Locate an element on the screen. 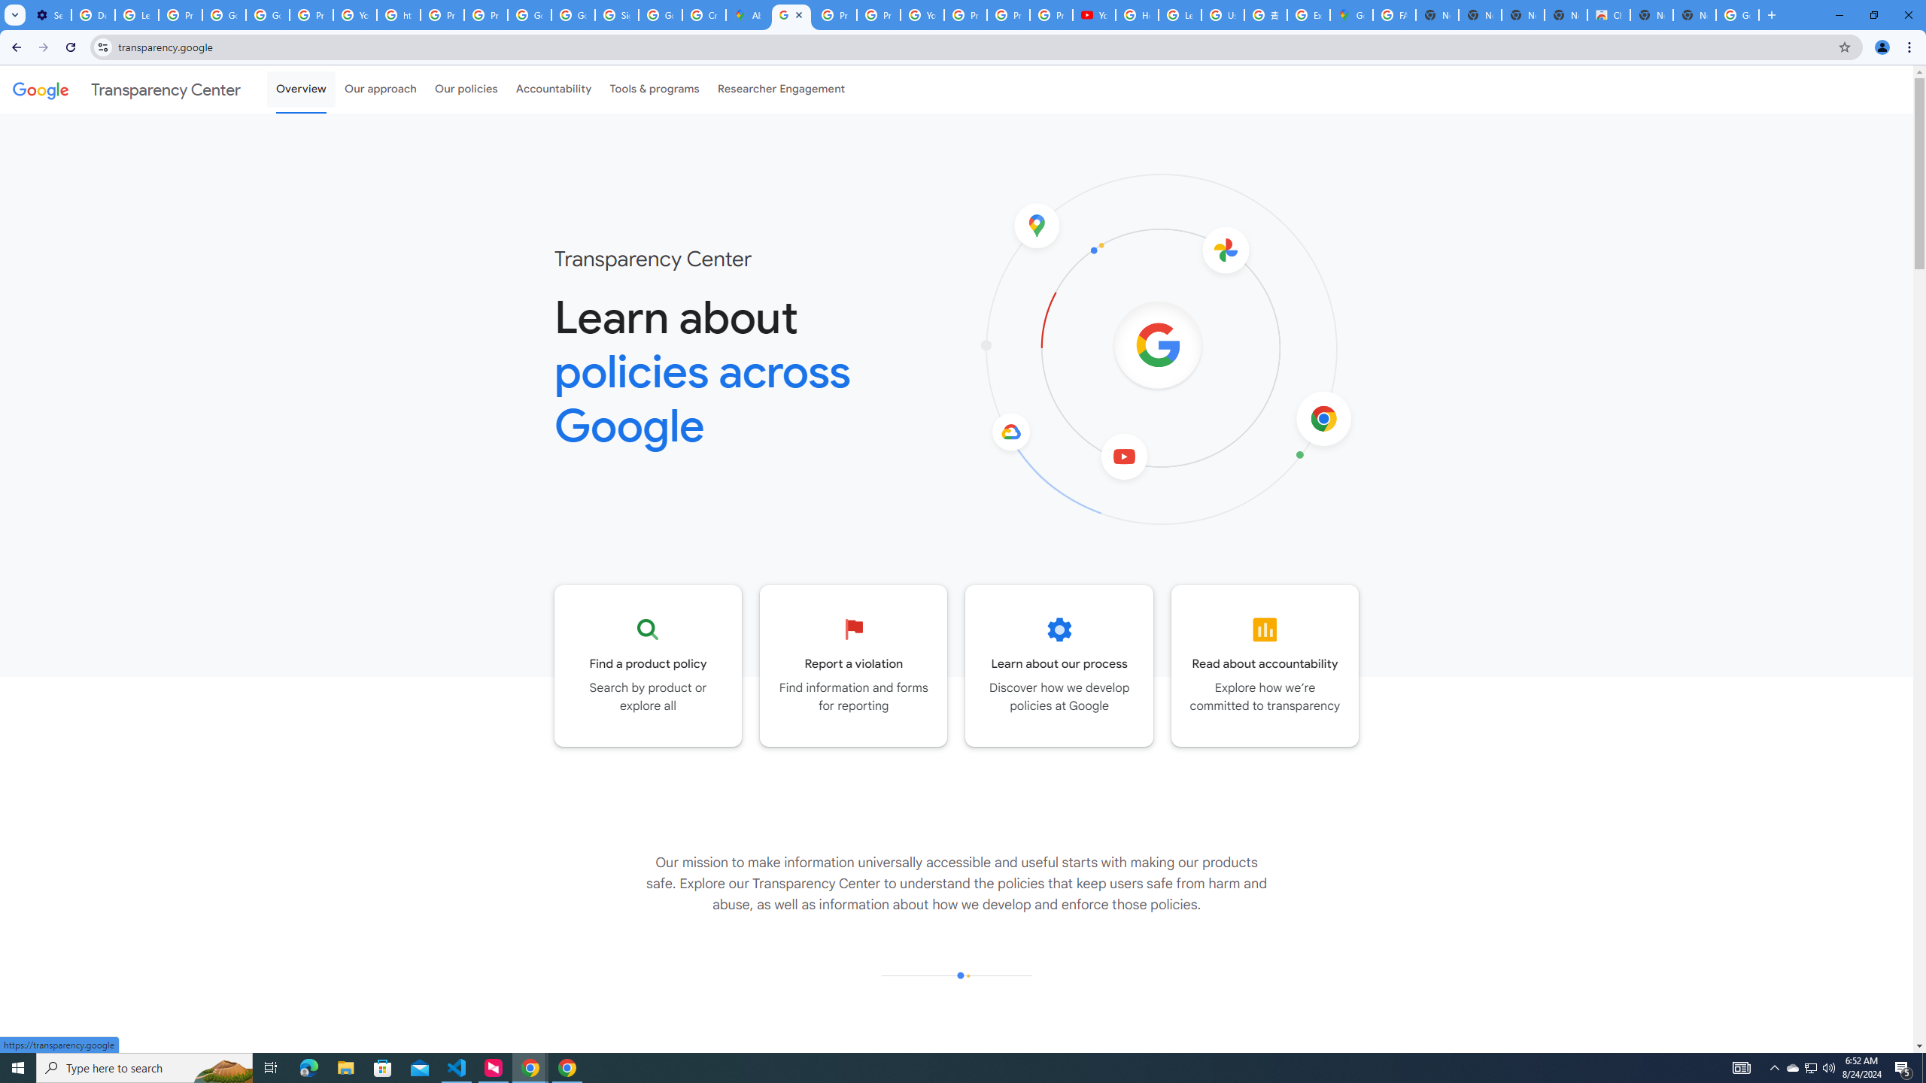  'Privacy Help Center - Policies Help' is located at coordinates (877, 14).